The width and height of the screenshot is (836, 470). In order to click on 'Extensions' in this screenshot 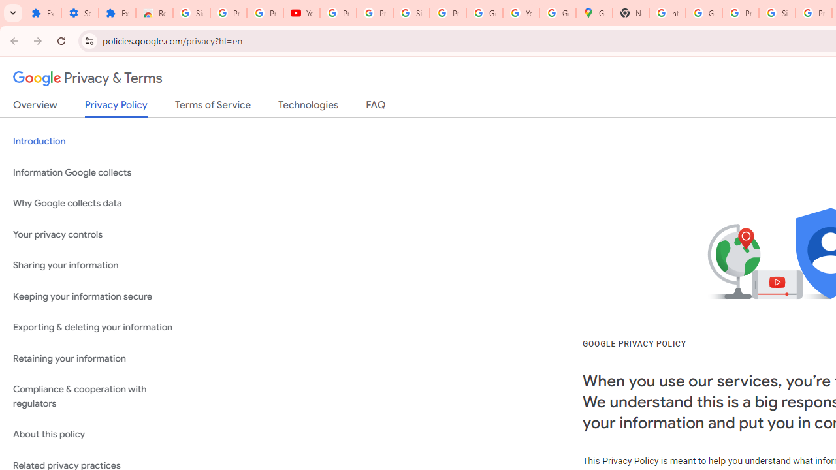, I will do `click(42, 13)`.